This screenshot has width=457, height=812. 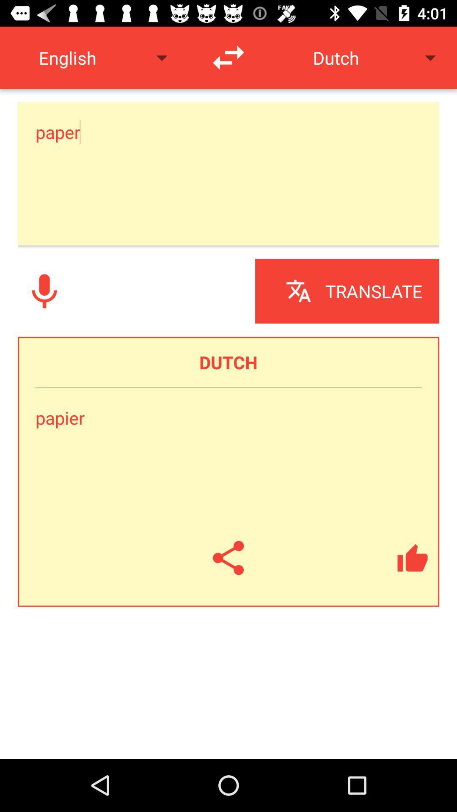 What do you see at coordinates (228, 558) in the screenshot?
I see `share the translation` at bounding box center [228, 558].